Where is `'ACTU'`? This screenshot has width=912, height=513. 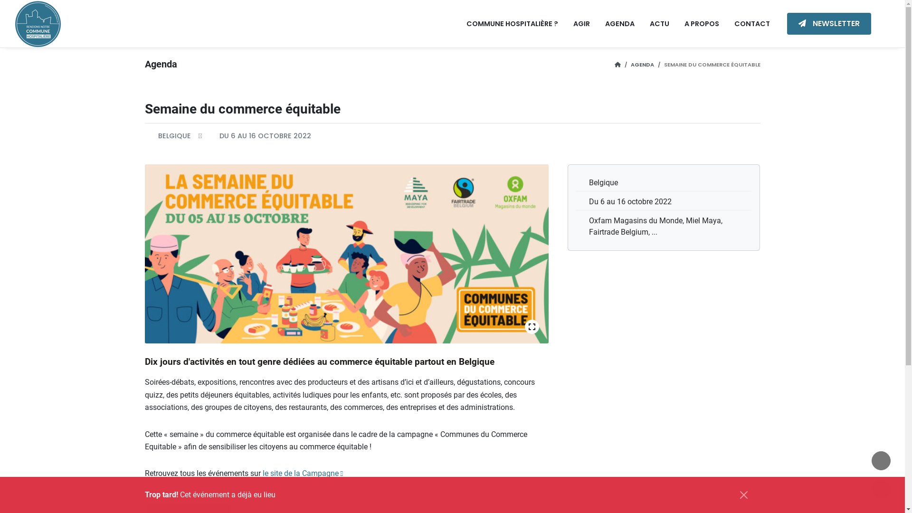 'ACTU' is located at coordinates (659, 23).